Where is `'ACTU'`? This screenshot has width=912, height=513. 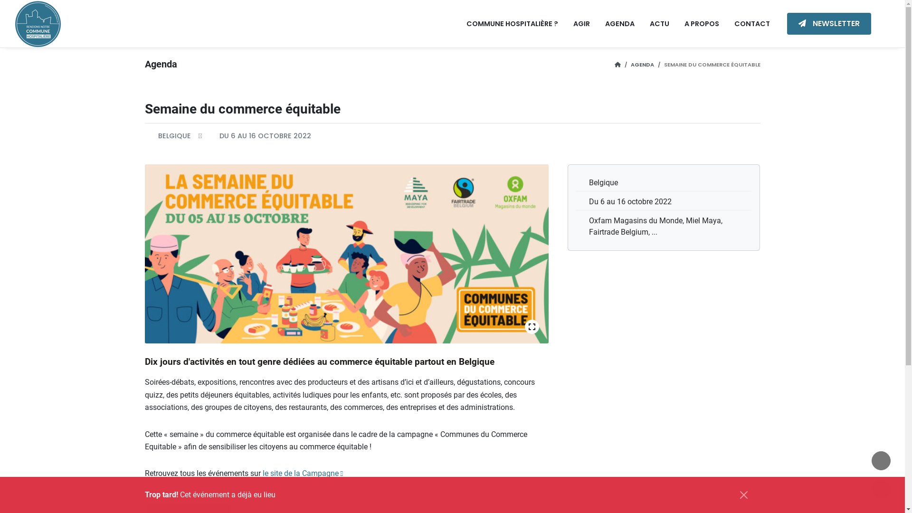 'ACTU' is located at coordinates (659, 23).